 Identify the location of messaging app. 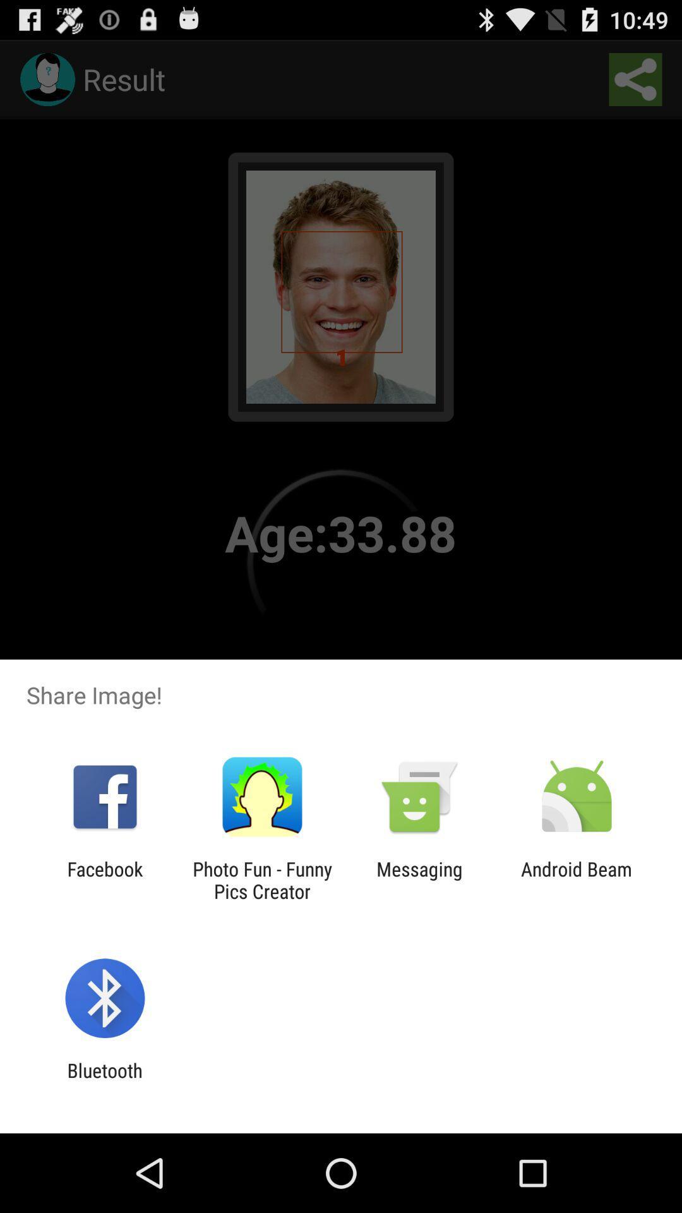
(419, 879).